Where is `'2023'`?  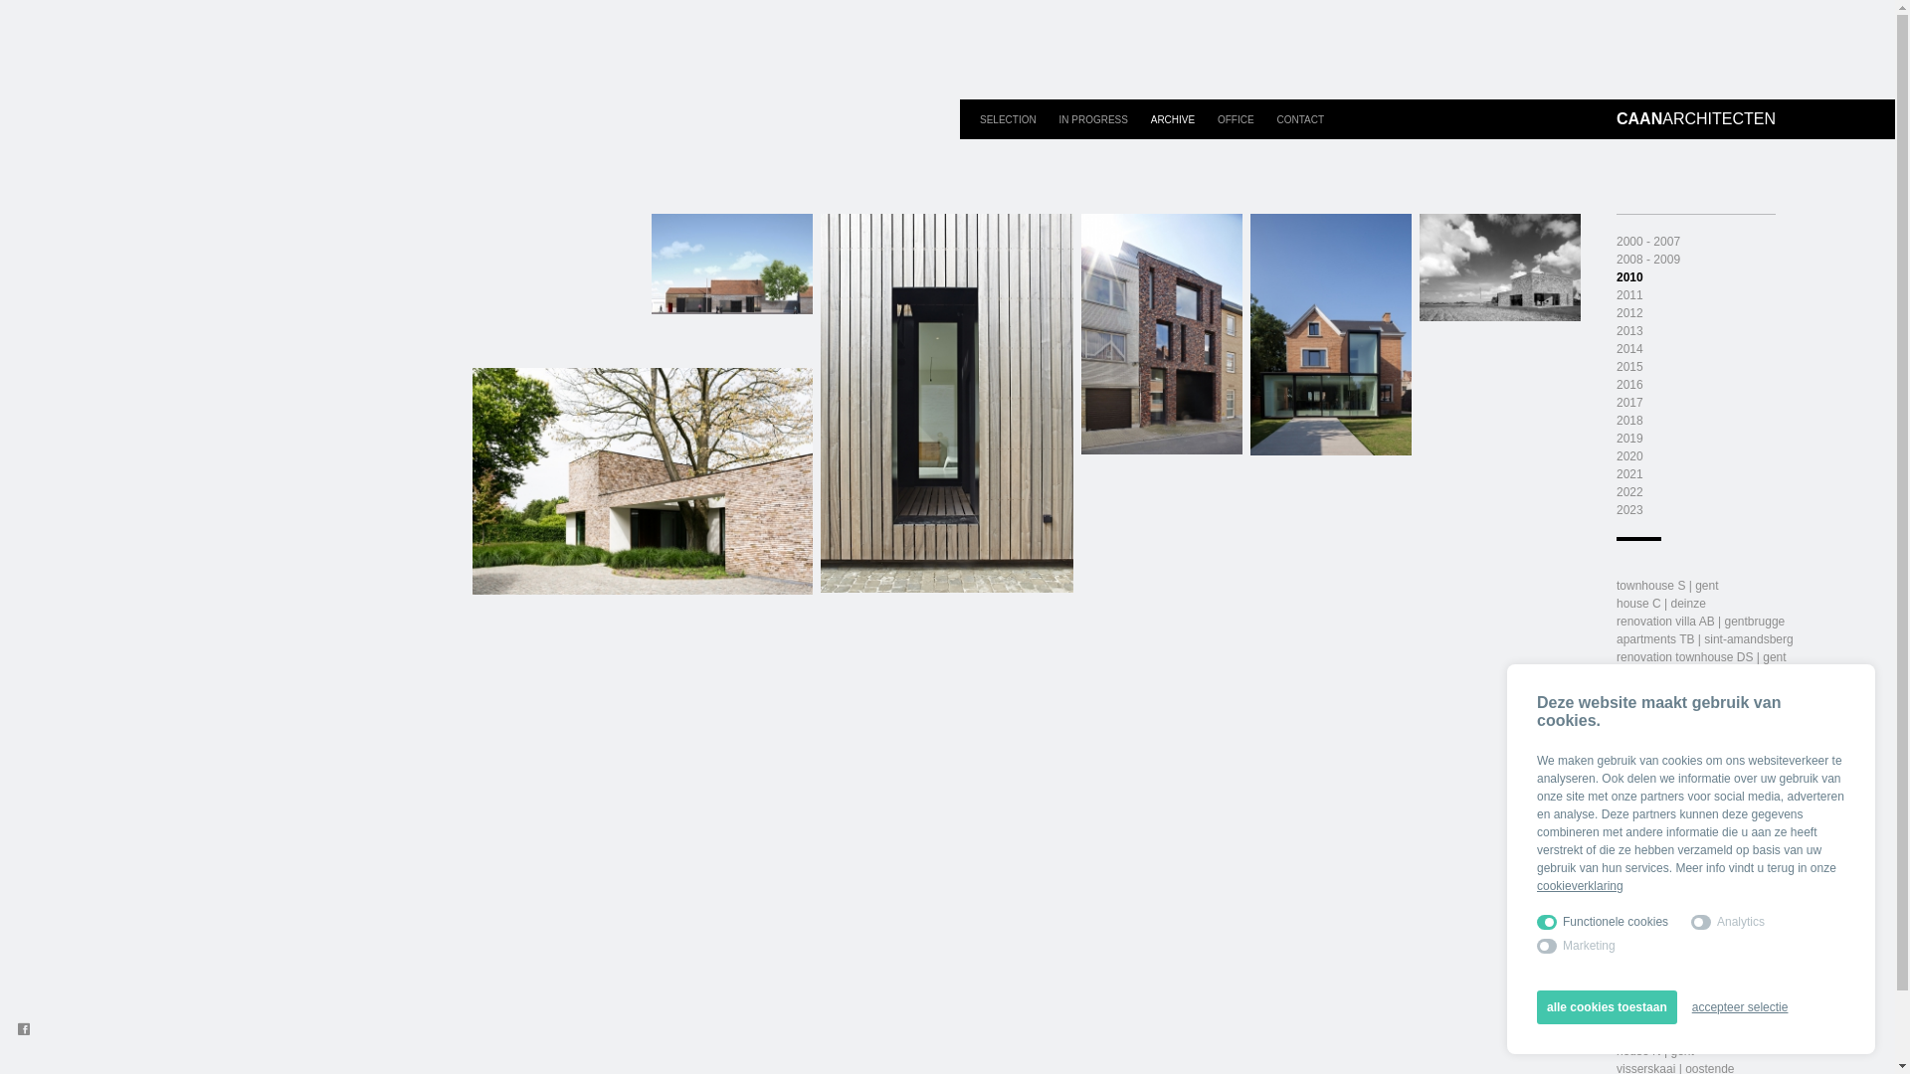 '2023' is located at coordinates (1629, 509).